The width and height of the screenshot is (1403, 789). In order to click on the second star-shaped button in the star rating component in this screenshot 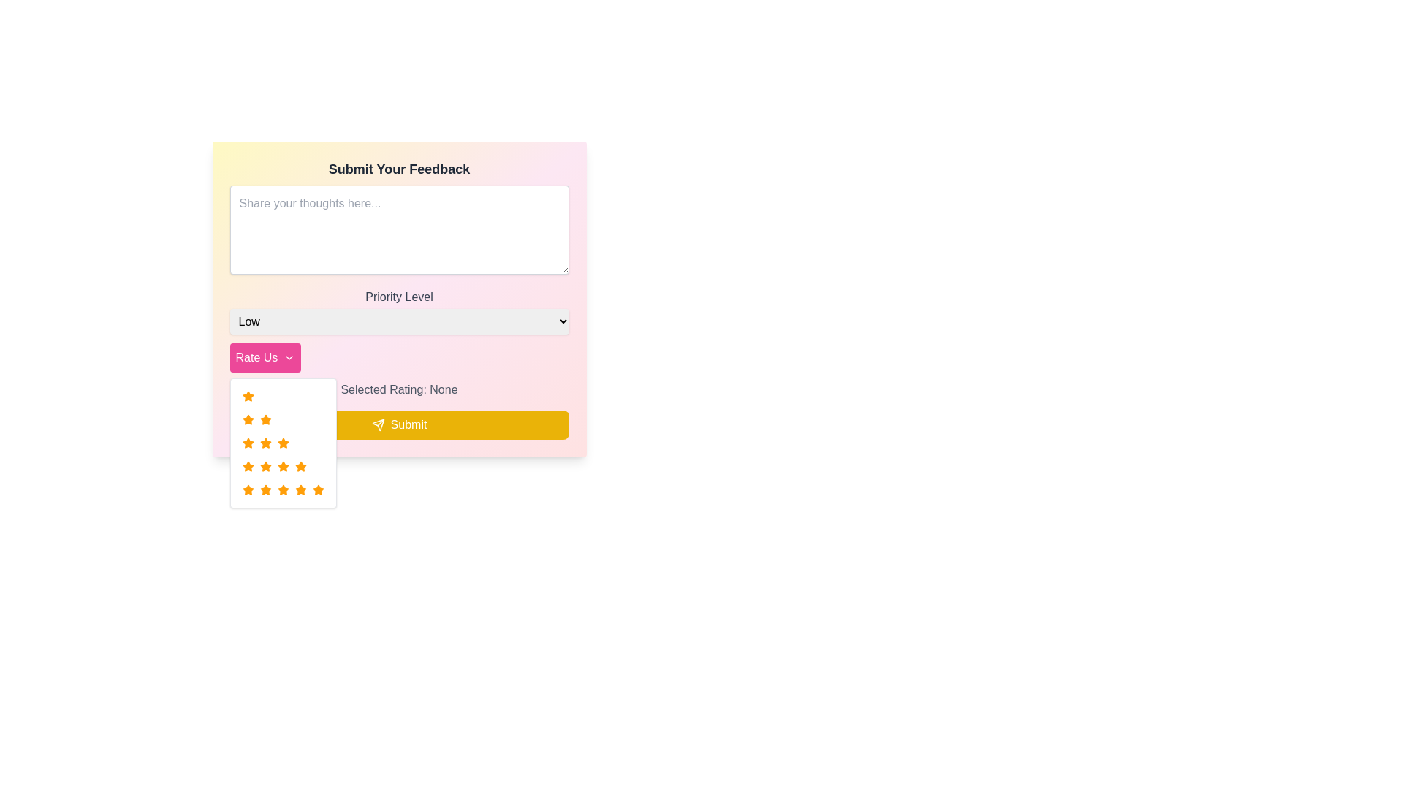, I will do `click(265, 442)`.